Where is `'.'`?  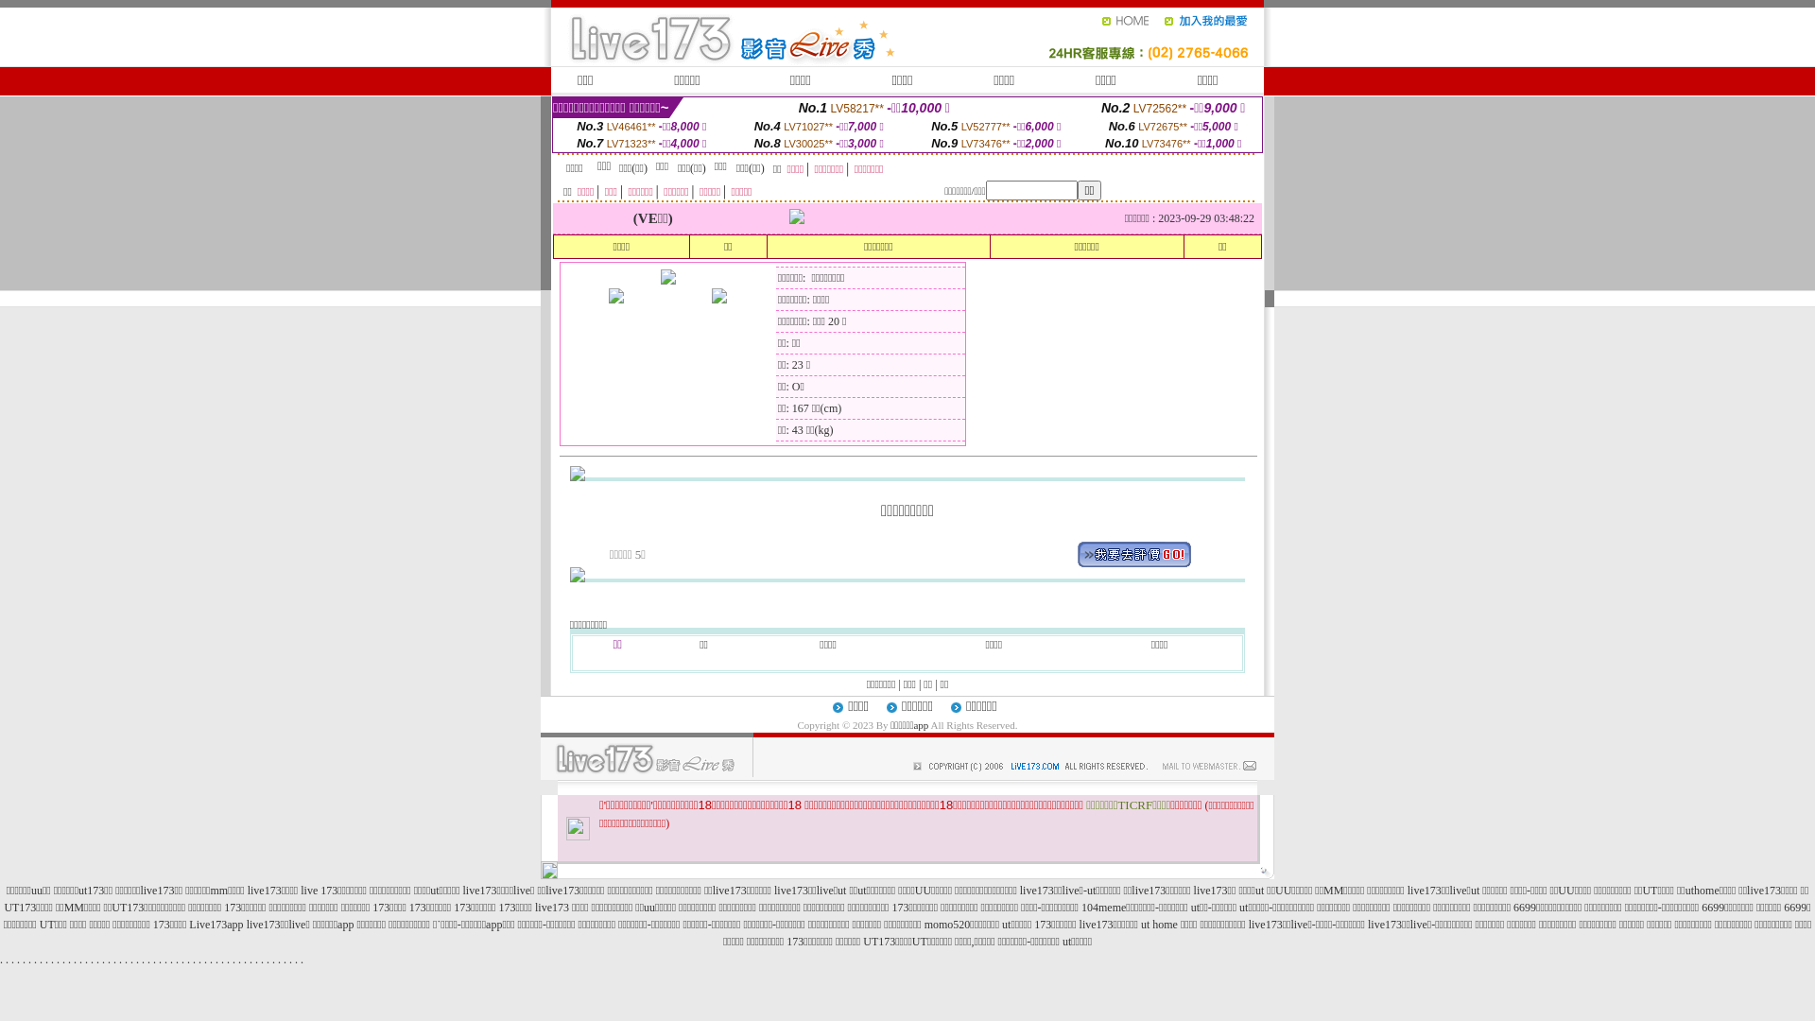
'.' is located at coordinates (75, 959).